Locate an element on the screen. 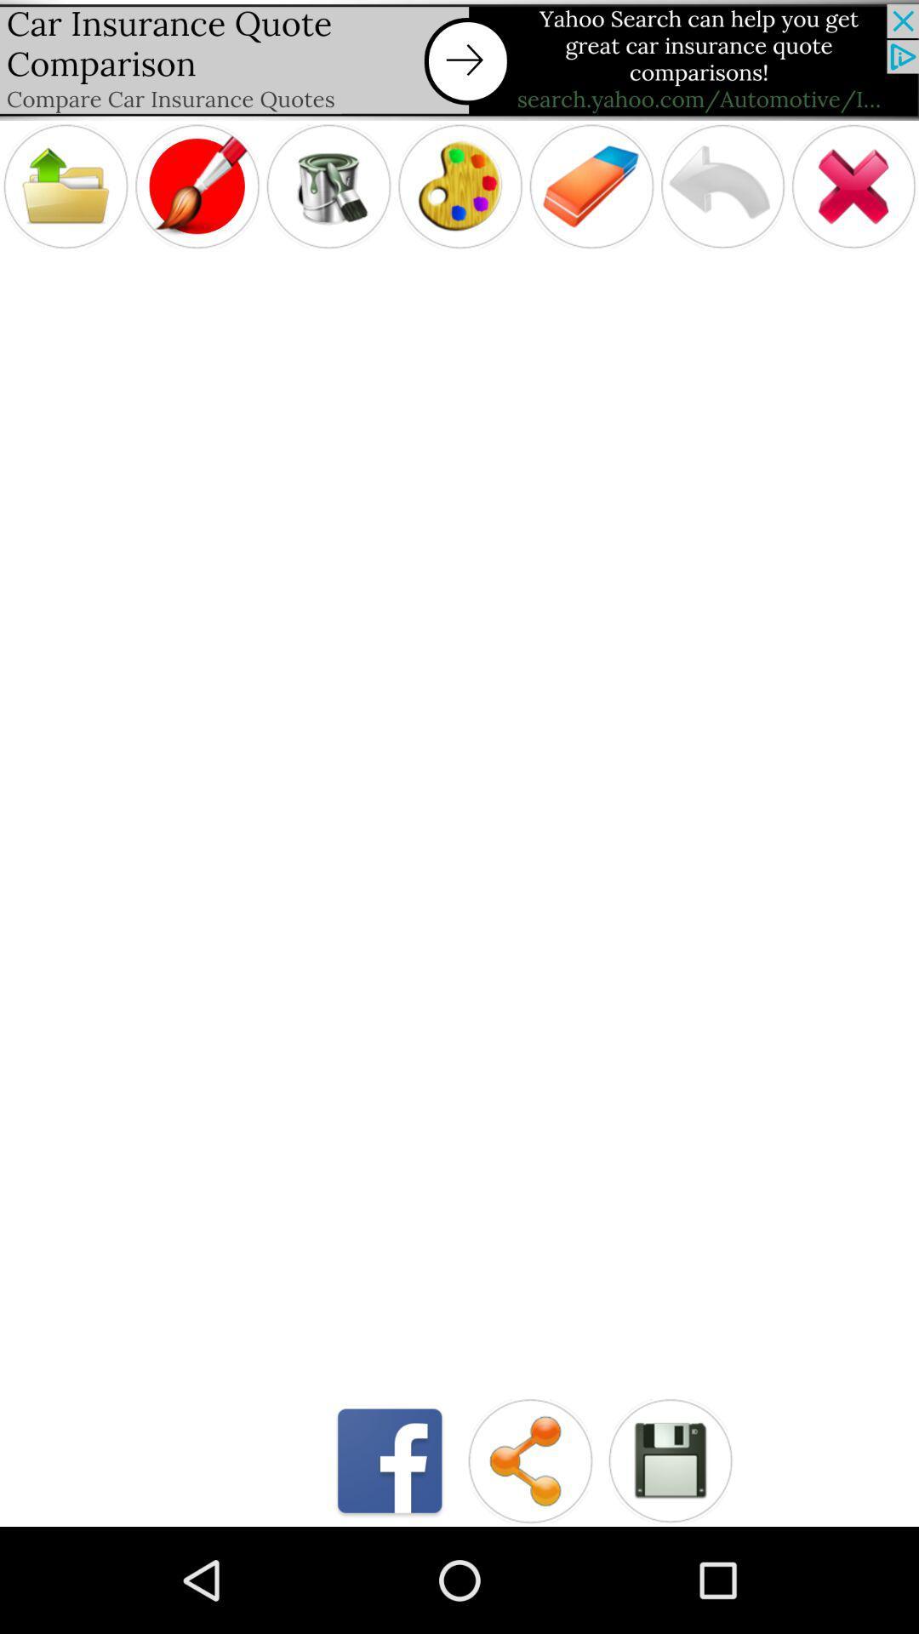 The height and width of the screenshot is (1634, 919). the share icon is located at coordinates (529, 1563).